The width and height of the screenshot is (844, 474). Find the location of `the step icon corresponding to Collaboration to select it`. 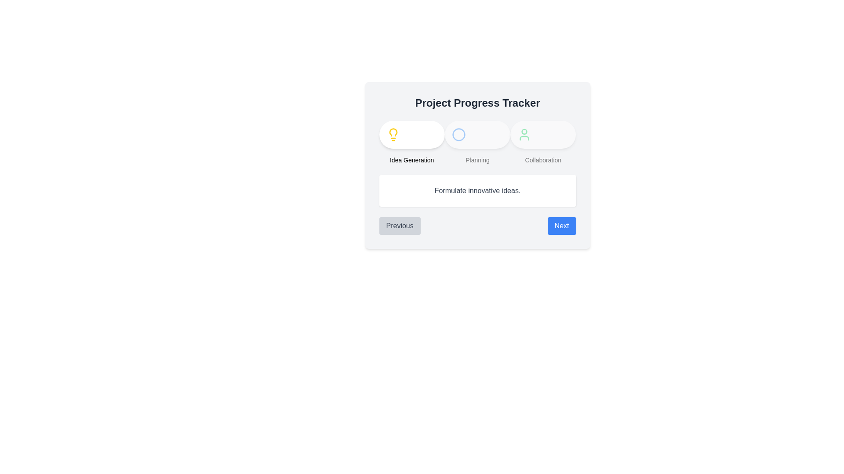

the step icon corresponding to Collaboration to select it is located at coordinates (524, 135).